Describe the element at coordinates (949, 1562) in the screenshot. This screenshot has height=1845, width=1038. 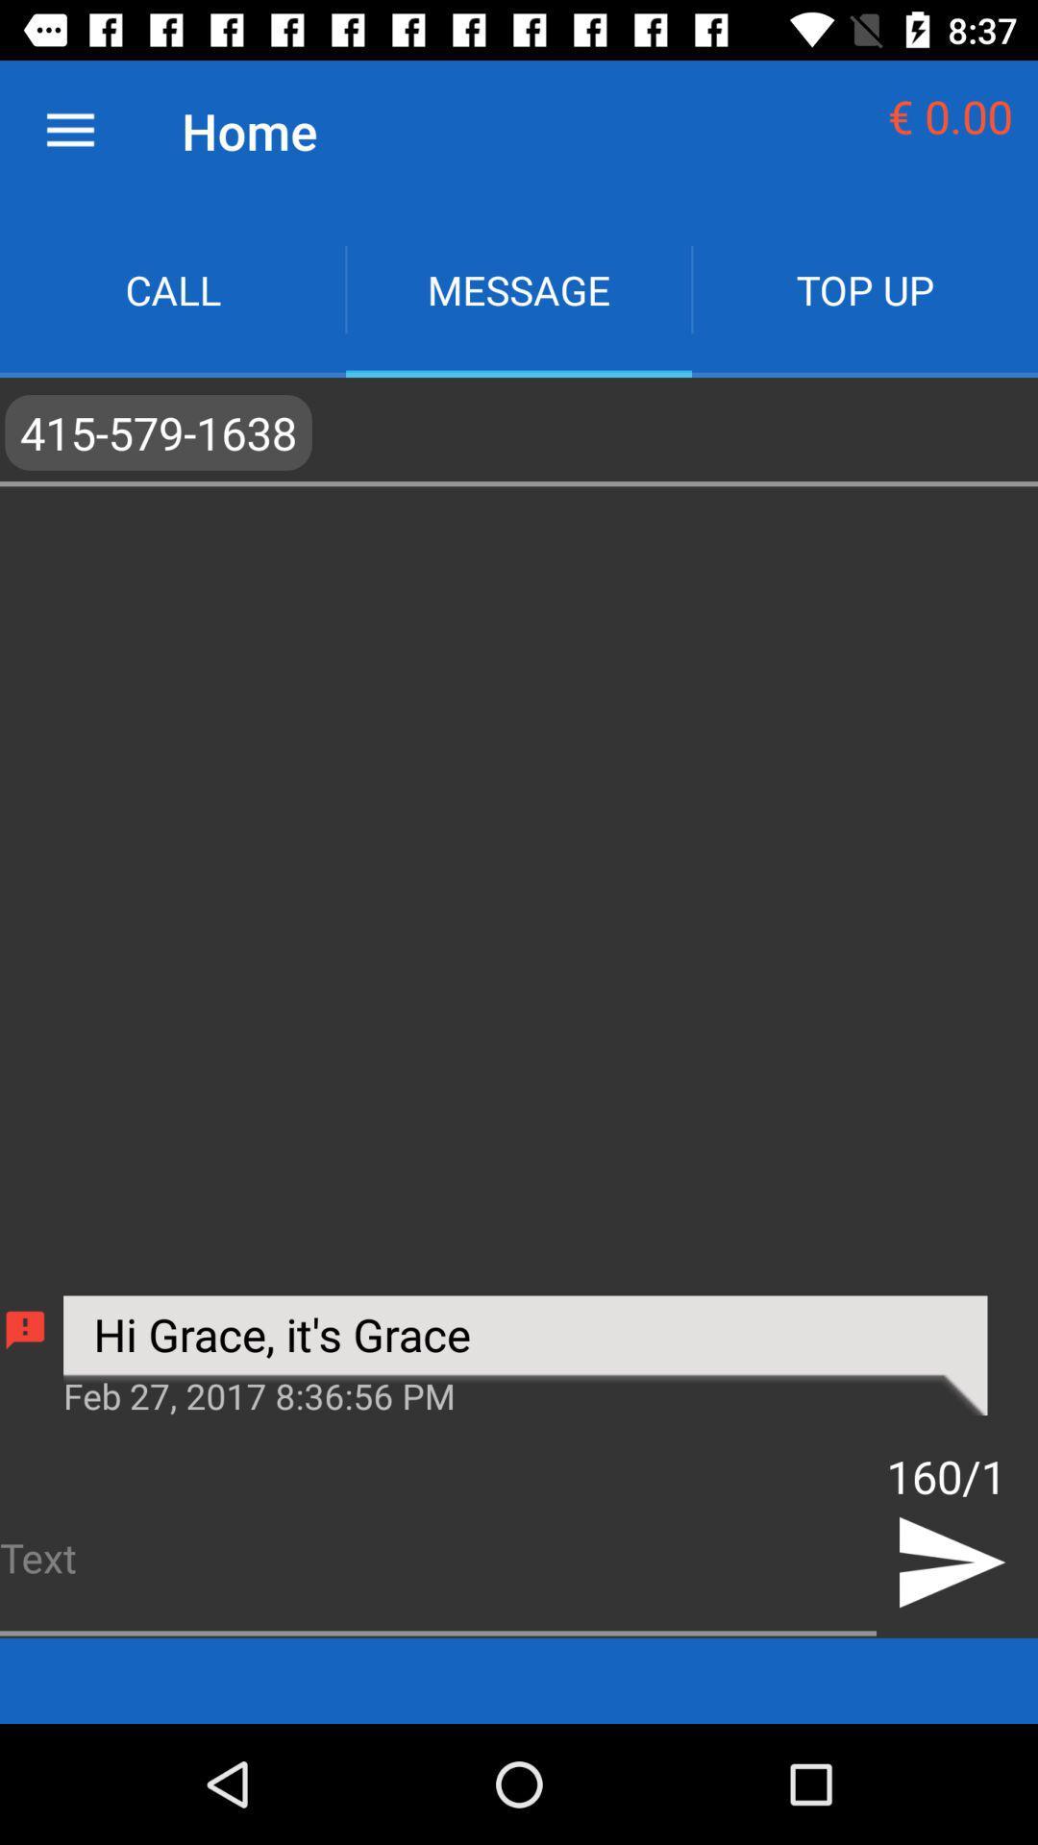
I see `the item below 160/1 item` at that location.